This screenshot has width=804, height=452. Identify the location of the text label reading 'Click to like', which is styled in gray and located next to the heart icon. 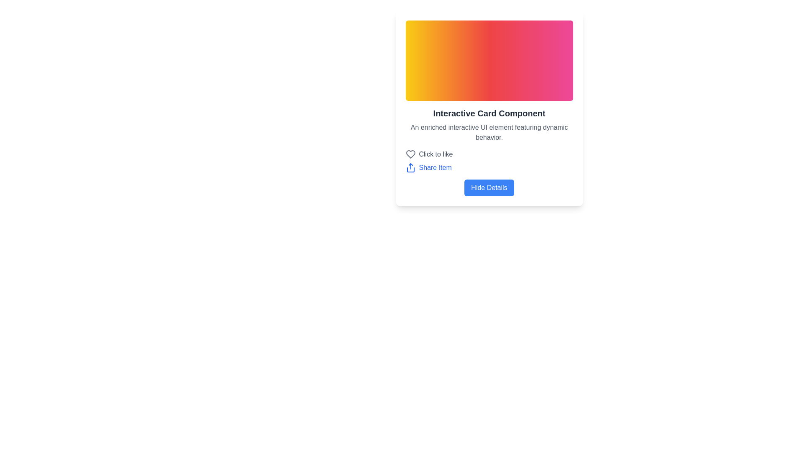
(435, 154).